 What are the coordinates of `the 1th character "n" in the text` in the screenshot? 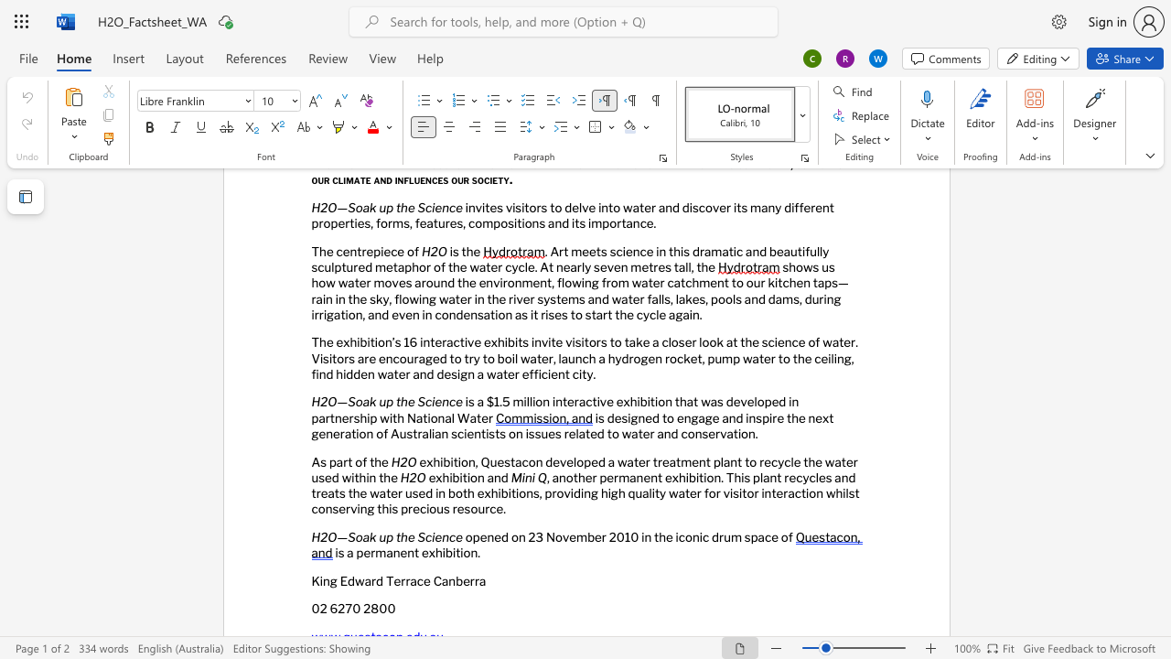 It's located at (446, 535).